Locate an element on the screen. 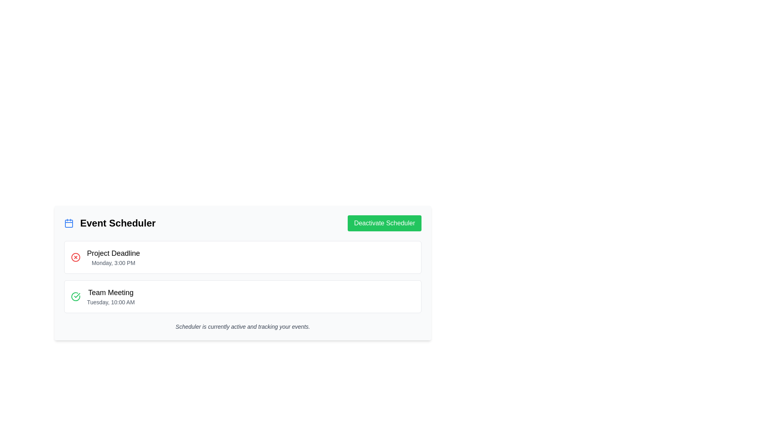 Image resolution: width=770 pixels, height=433 pixels. the Information Card that summarizes the scheduled 'Team Meeting', located at the bottom of the 'Event Scheduler' section, beneath the 'Project Deadline' card is located at coordinates (242, 297).